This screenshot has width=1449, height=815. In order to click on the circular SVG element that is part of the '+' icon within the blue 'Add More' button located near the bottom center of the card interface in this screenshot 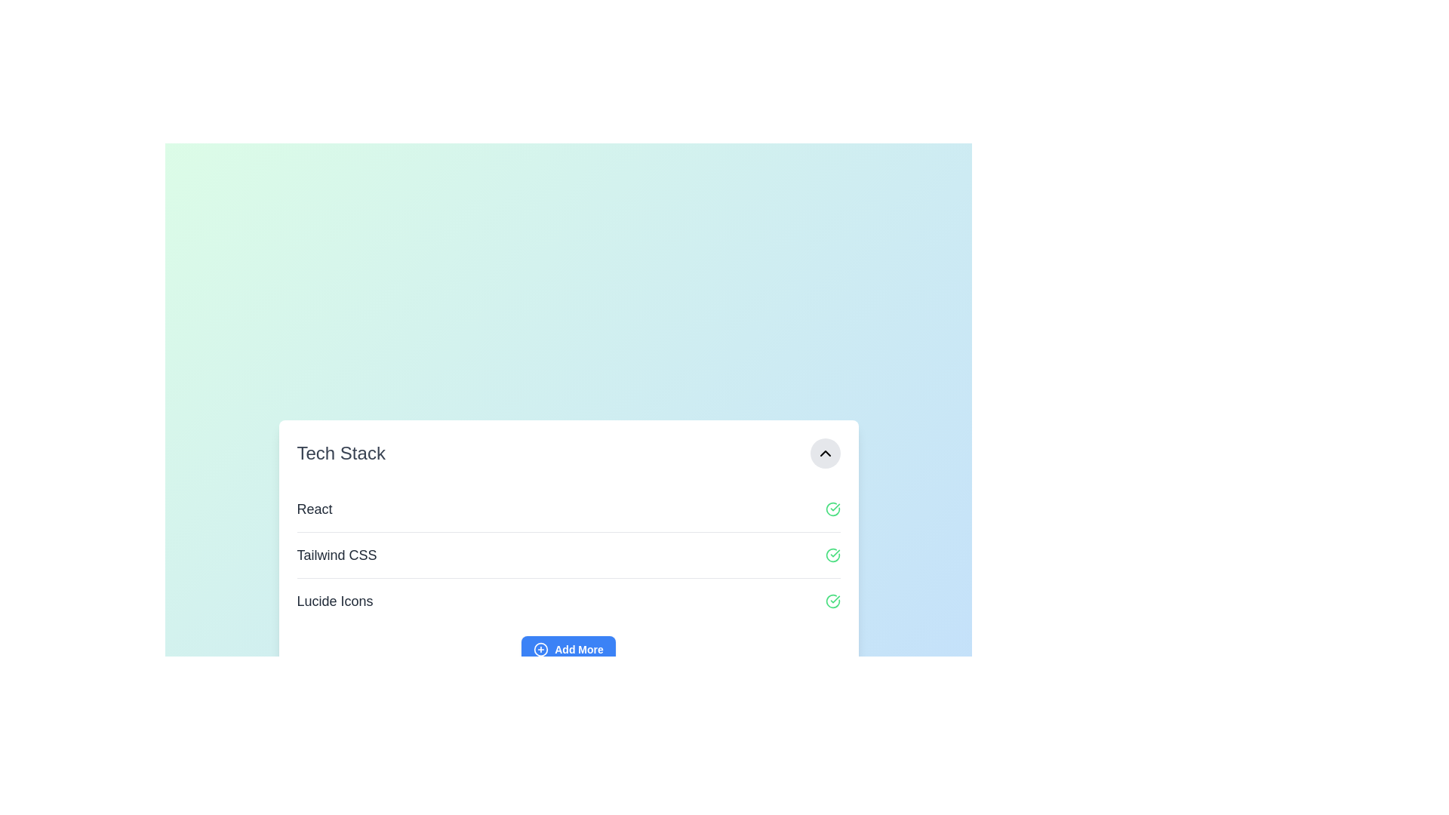, I will do `click(541, 648)`.